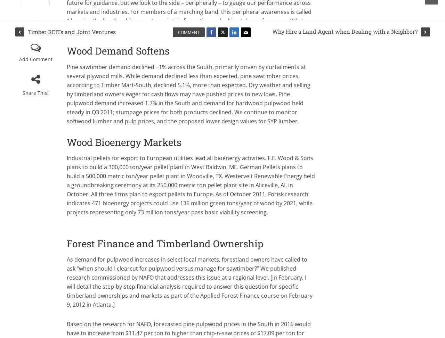  I want to click on 'Wood Demand Softens', so click(118, 51).